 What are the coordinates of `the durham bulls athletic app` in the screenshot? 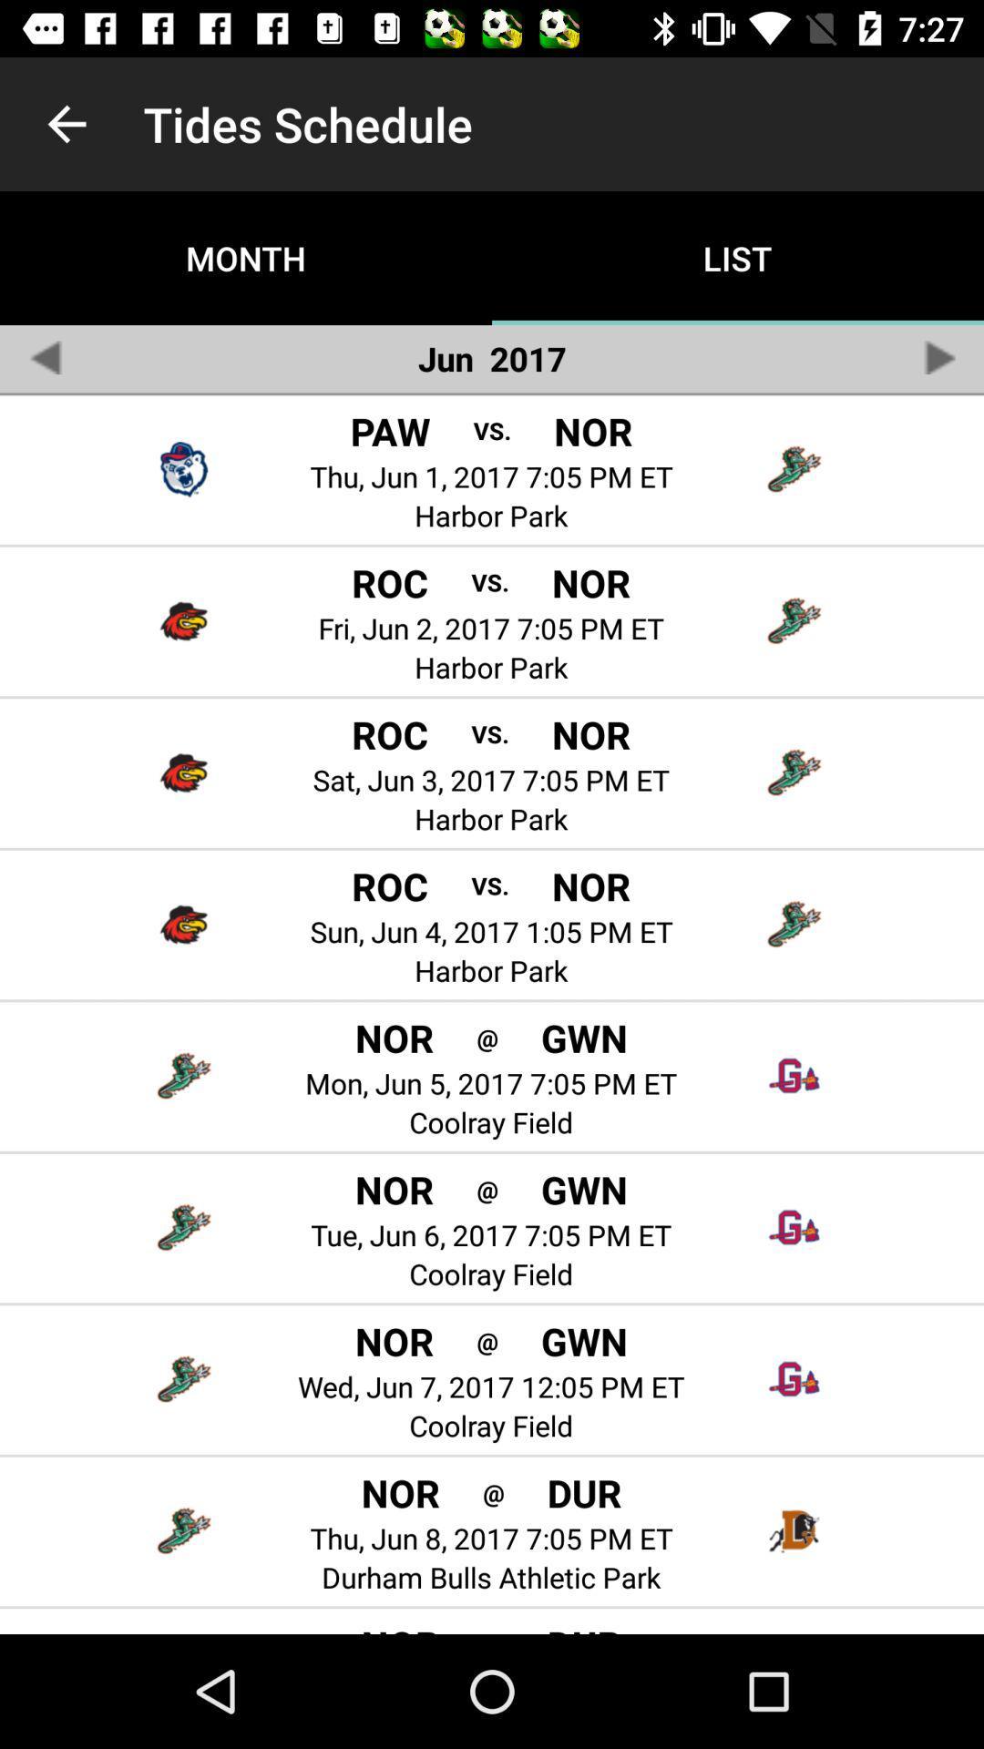 It's located at (490, 1576).